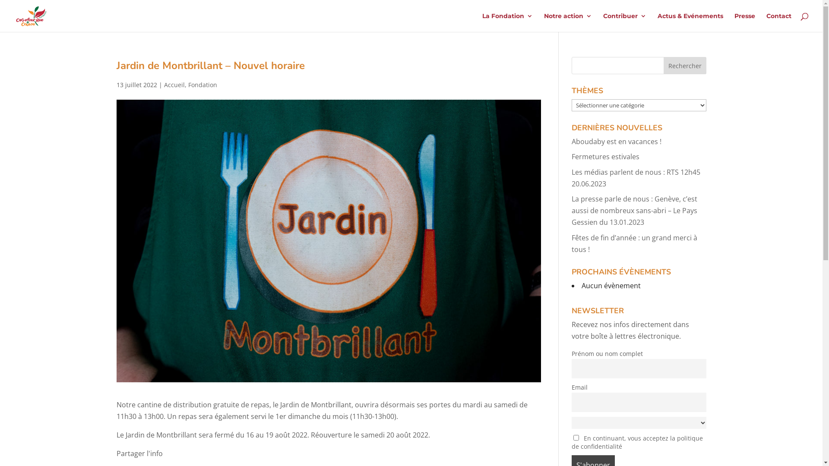 The height and width of the screenshot is (466, 829). What do you see at coordinates (616, 141) in the screenshot?
I see `'Aboudaby est en vacances !'` at bounding box center [616, 141].